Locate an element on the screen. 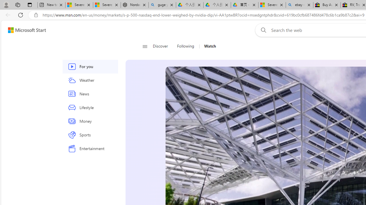 The width and height of the screenshot is (366, 205). 'Skip to content' is located at coordinates (25, 30).